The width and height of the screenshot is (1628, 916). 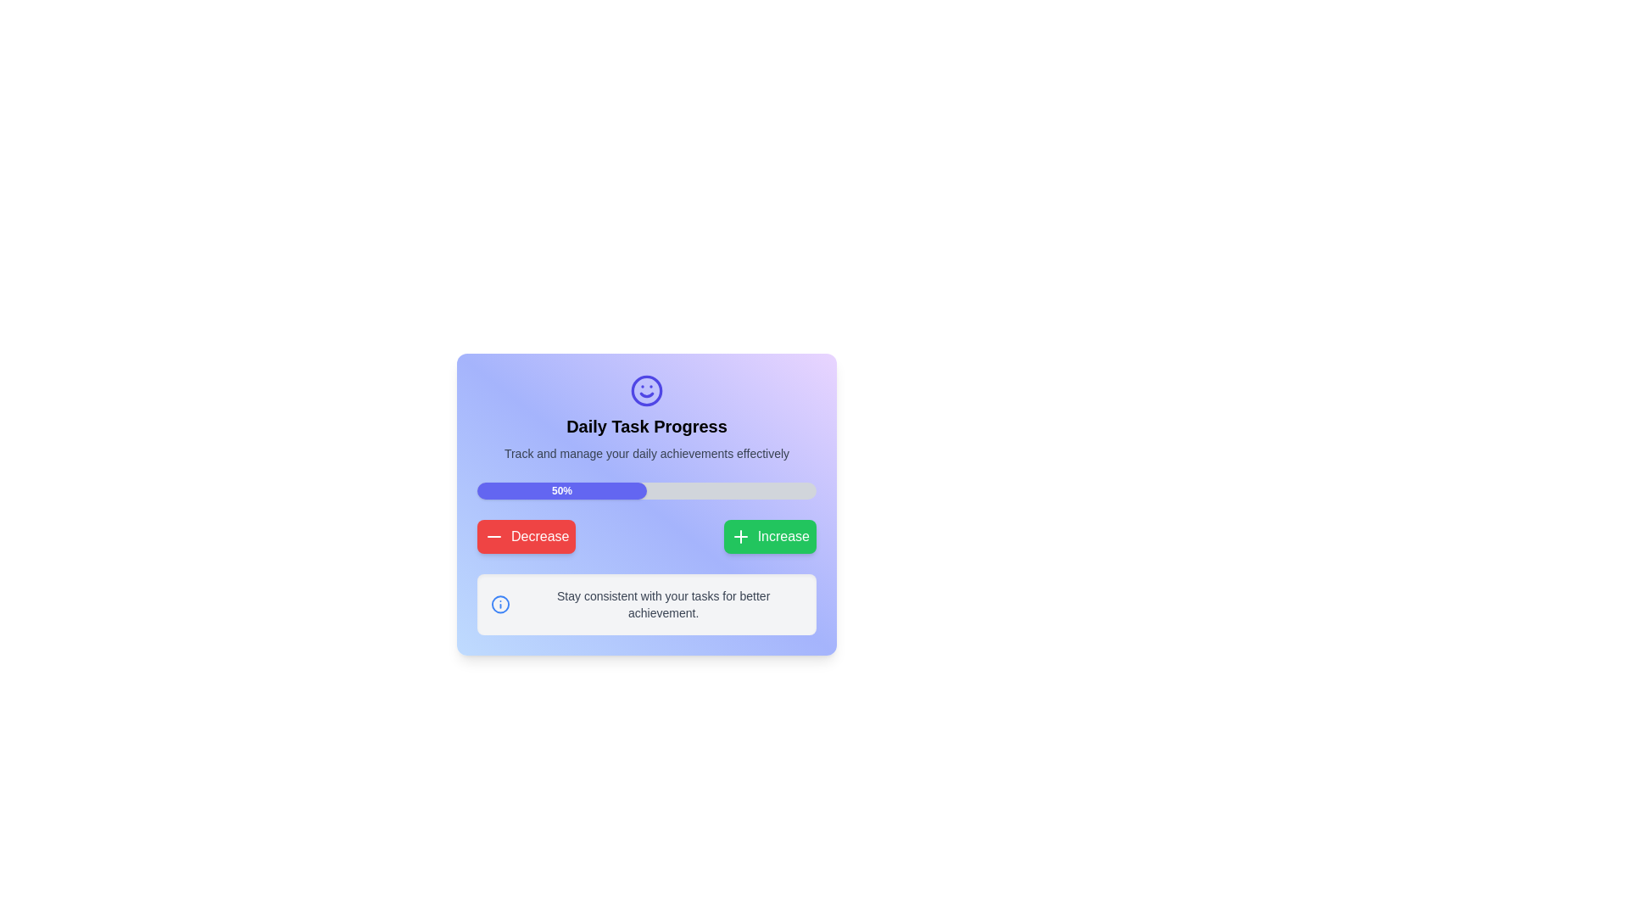 What do you see at coordinates (646, 490) in the screenshot?
I see `the Progress Bar that visually represents a percentage value of 50%, located under the title 'Daily Task Progress' and above the 'Decrease' and 'Increase' buttons` at bounding box center [646, 490].